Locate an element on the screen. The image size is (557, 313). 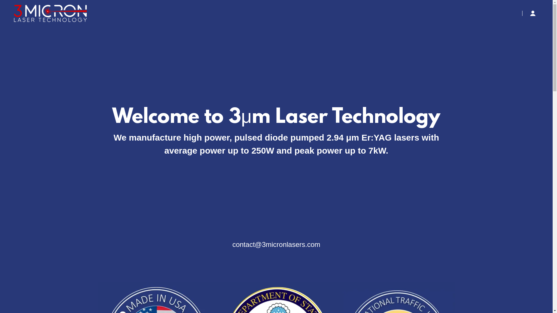
'contact@3micronlasers.com' is located at coordinates (276, 244).